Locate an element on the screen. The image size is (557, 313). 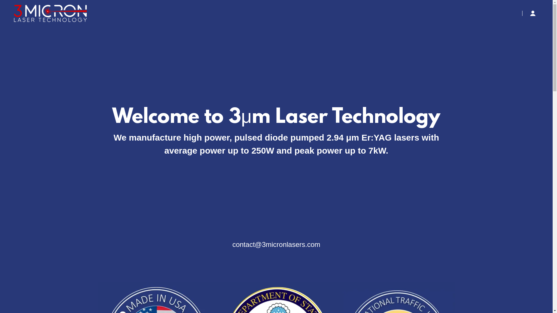
'contact@3micronlasers.com' is located at coordinates (276, 244).